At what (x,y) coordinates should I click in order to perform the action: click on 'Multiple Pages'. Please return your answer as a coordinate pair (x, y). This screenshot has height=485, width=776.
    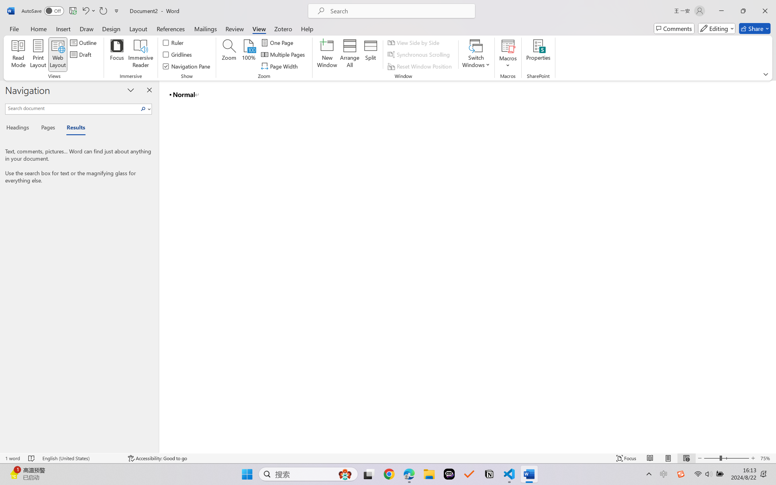
    Looking at the image, I should click on (283, 55).